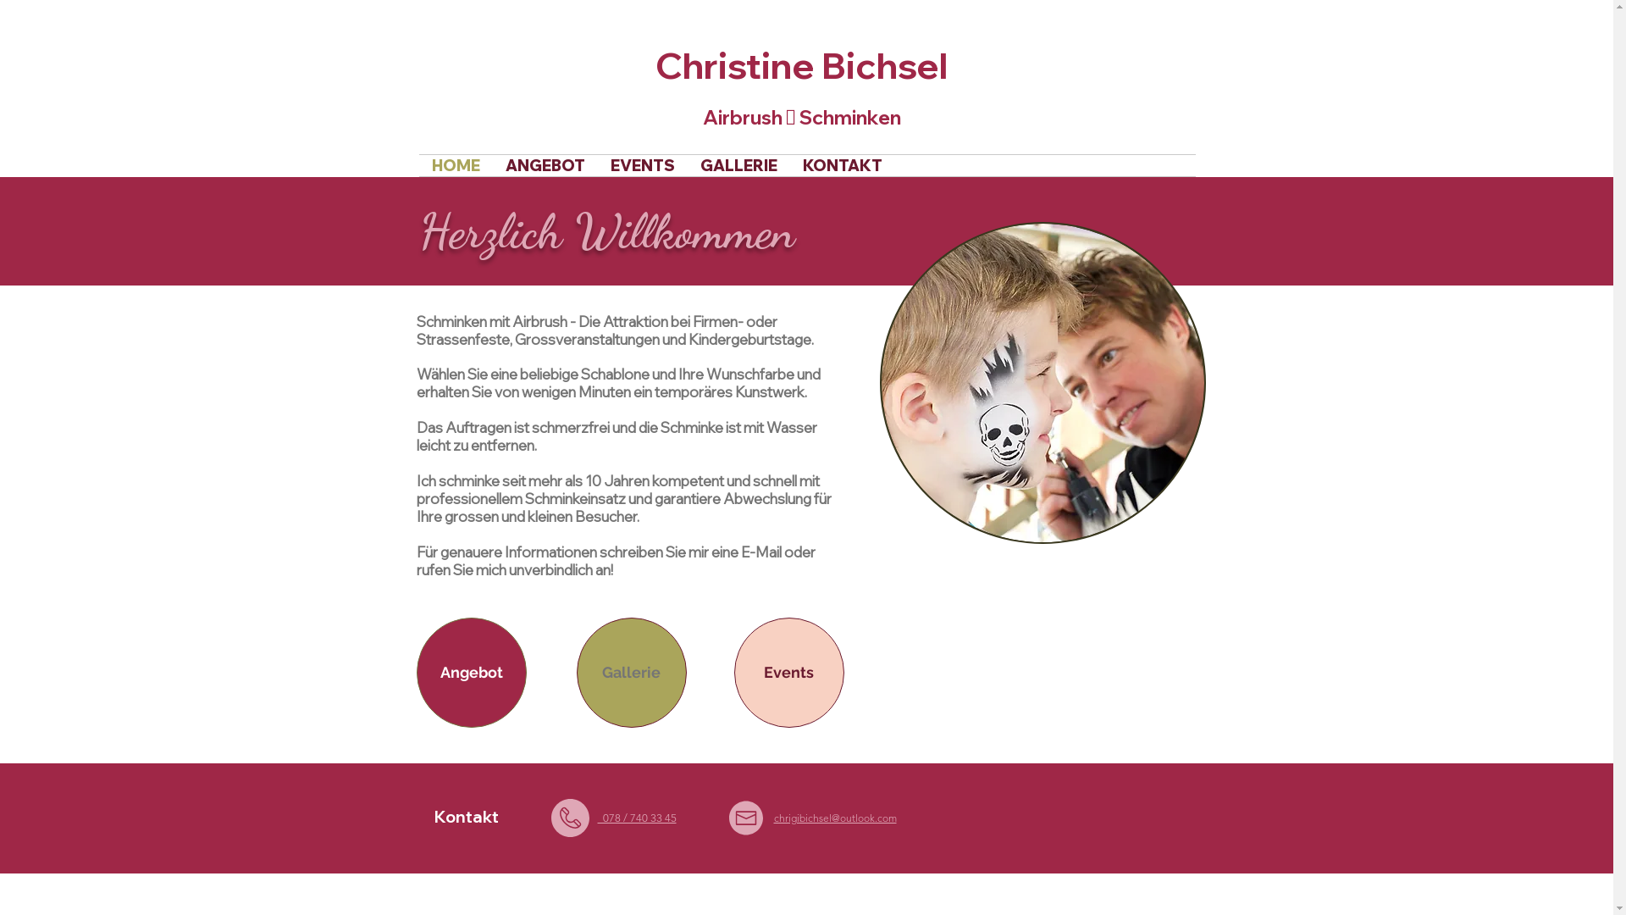  Describe the element at coordinates (471, 672) in the screenshot. I see `'Angebot'` at that location.